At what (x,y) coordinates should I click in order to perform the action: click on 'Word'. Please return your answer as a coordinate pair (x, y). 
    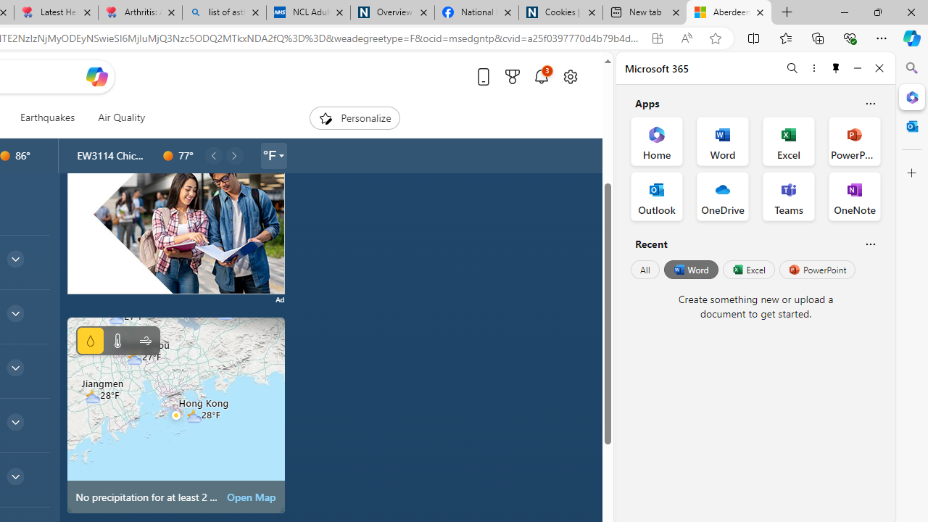
    Looking at the image, I should click on (689, 270).